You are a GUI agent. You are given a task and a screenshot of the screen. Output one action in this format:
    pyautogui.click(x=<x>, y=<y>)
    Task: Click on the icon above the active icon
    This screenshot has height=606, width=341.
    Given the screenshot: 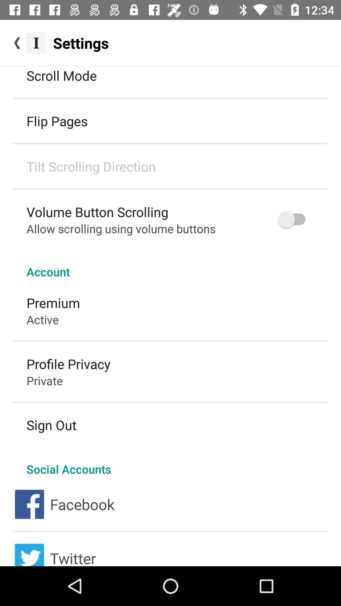 What is the action you would take?
    pyautogui.click(x=53, y=302)
    